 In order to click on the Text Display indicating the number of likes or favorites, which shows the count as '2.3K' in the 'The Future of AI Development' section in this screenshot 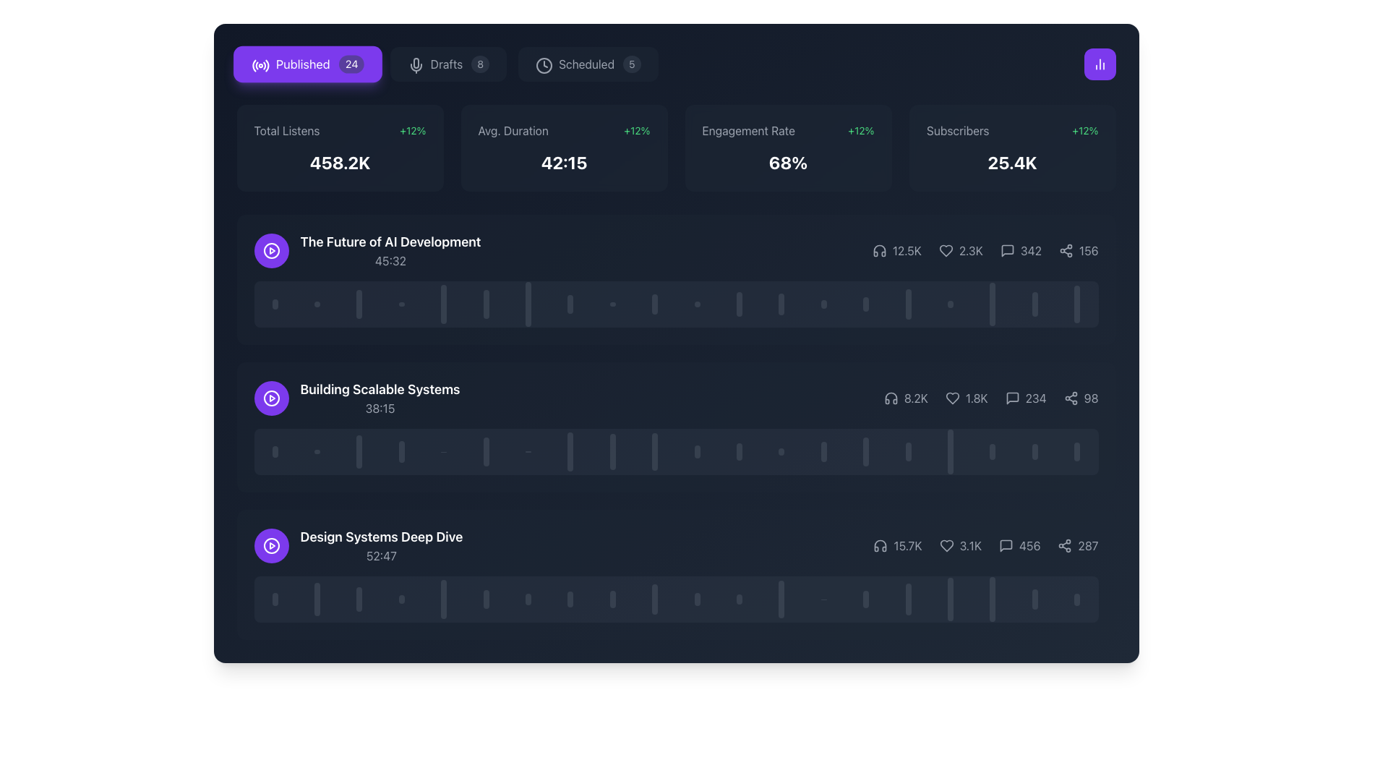, I will do `click(971, 250)`.